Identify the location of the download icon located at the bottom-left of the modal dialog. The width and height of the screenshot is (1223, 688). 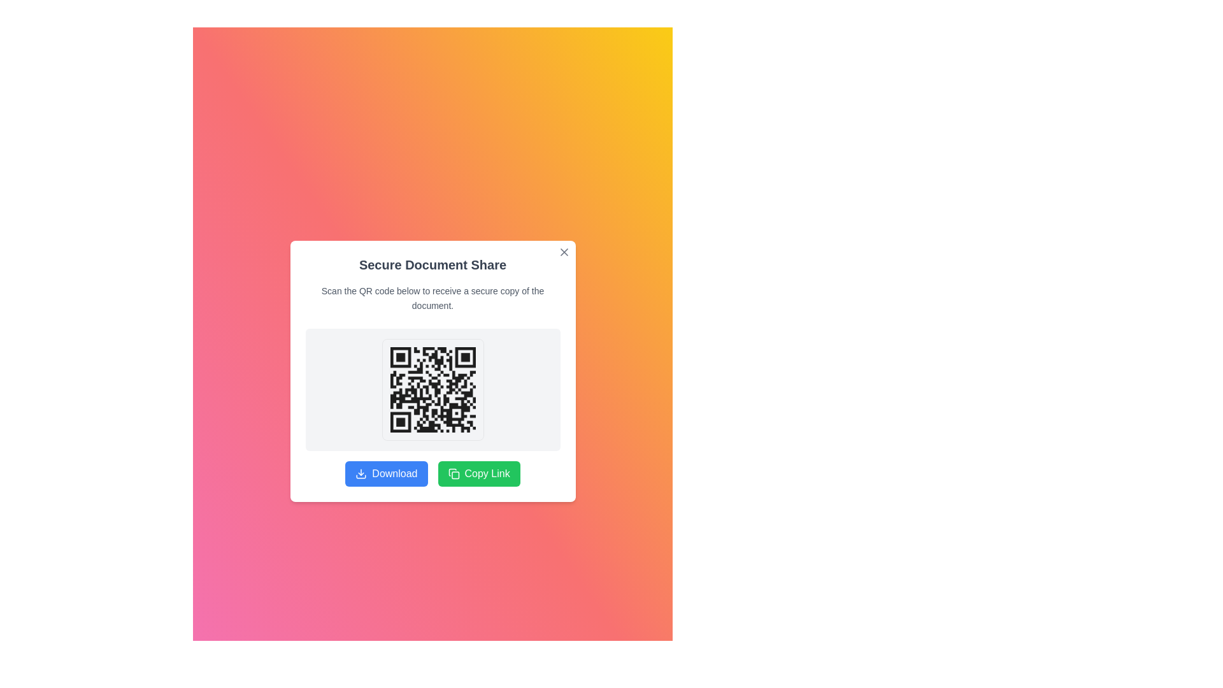
(361, 473).